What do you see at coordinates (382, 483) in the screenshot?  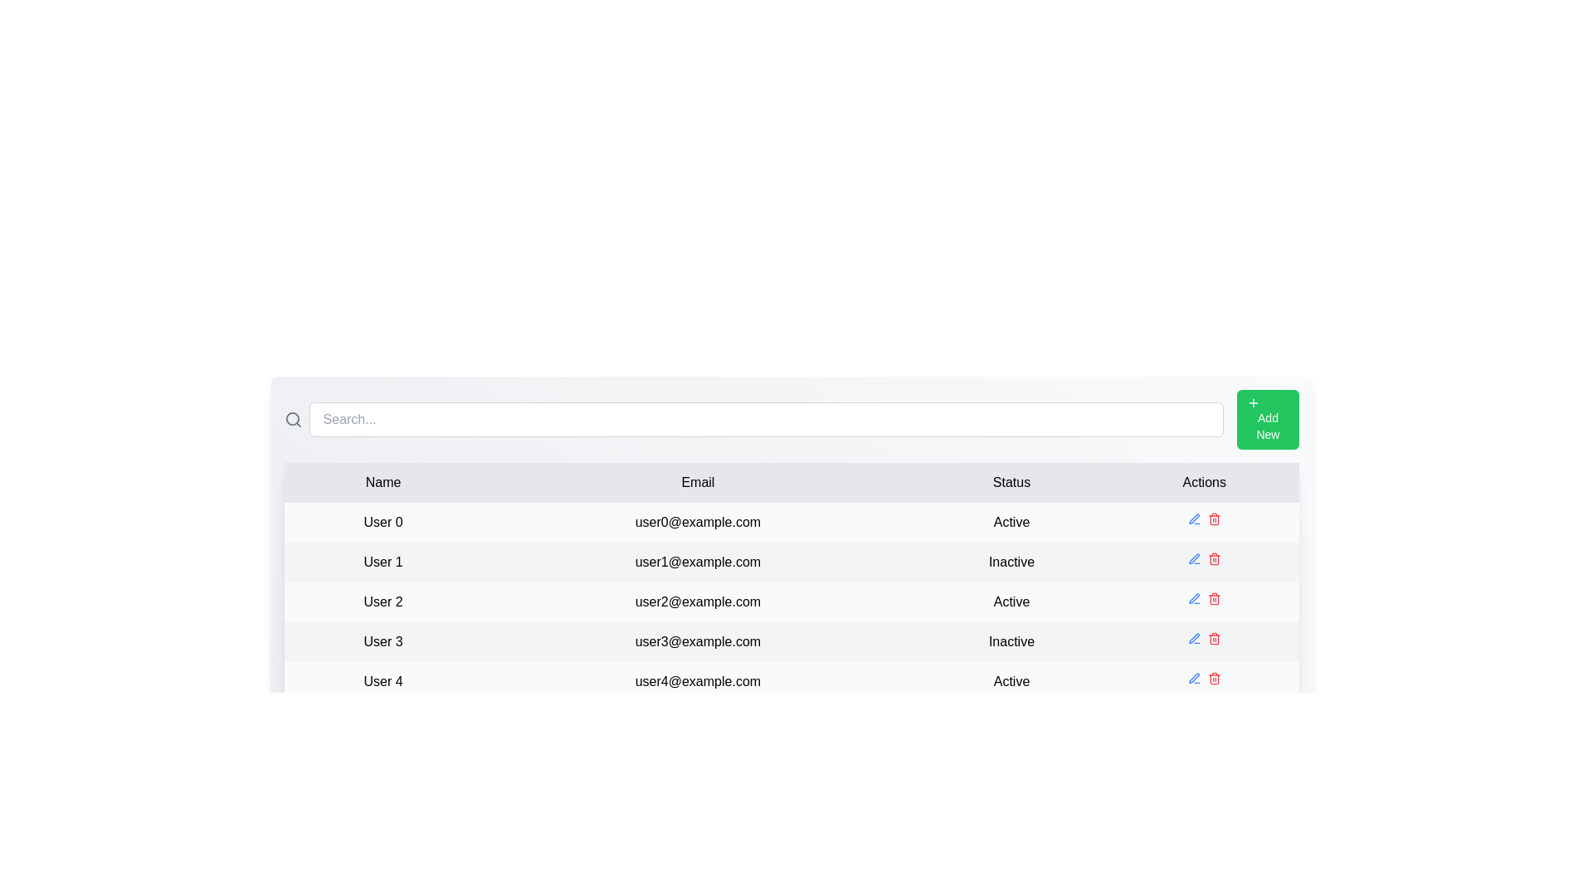 I see `the column header Name to inspect it` at bounding box center [382, 483].